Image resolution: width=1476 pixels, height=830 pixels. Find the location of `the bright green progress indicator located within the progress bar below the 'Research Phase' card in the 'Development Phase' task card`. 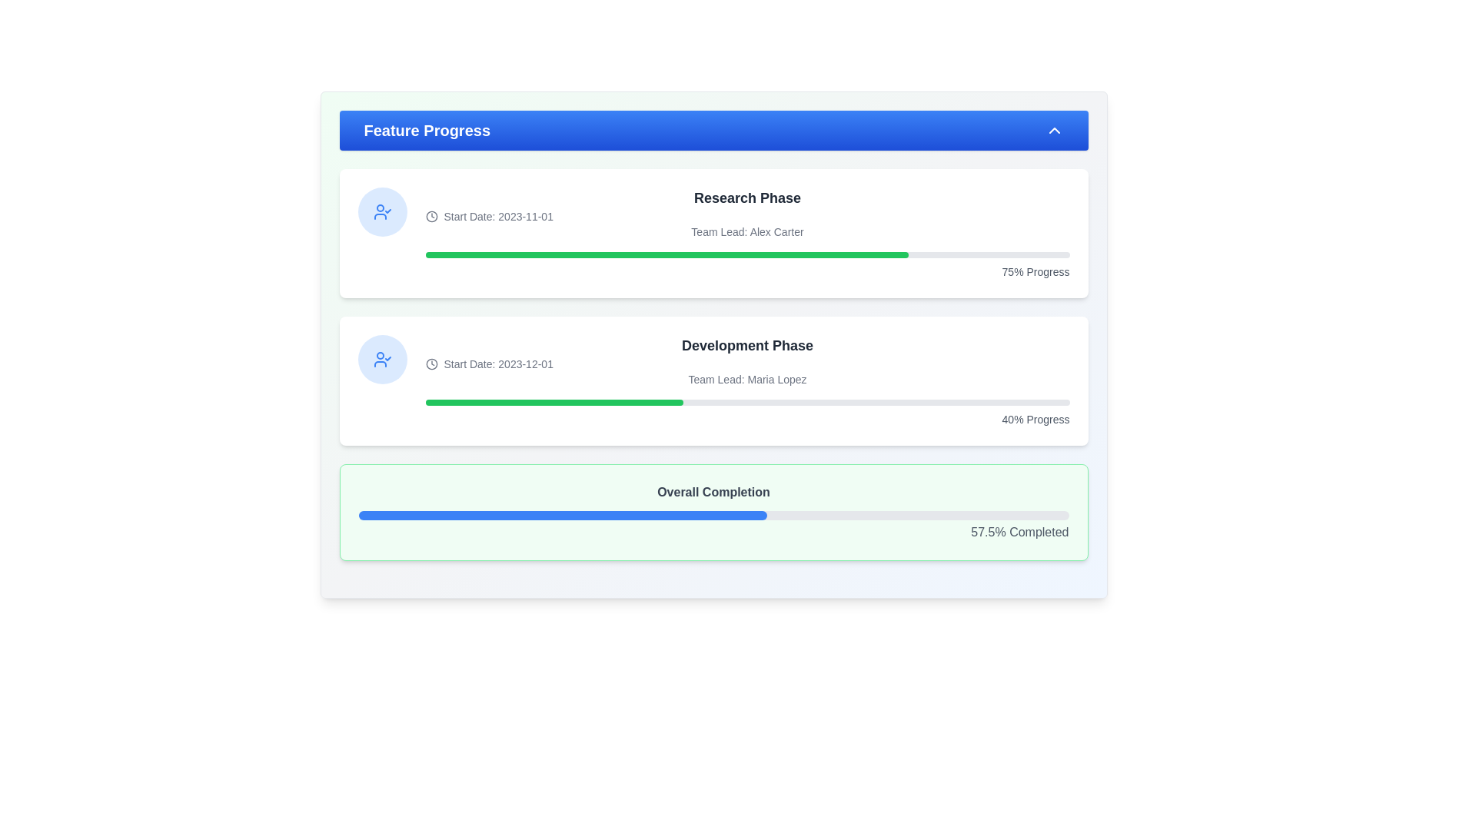

the bright green progress indicator located within the progress bar below the 'Research Phase' card in the 'Development Phase' task card is located at coordinates (553, 402).